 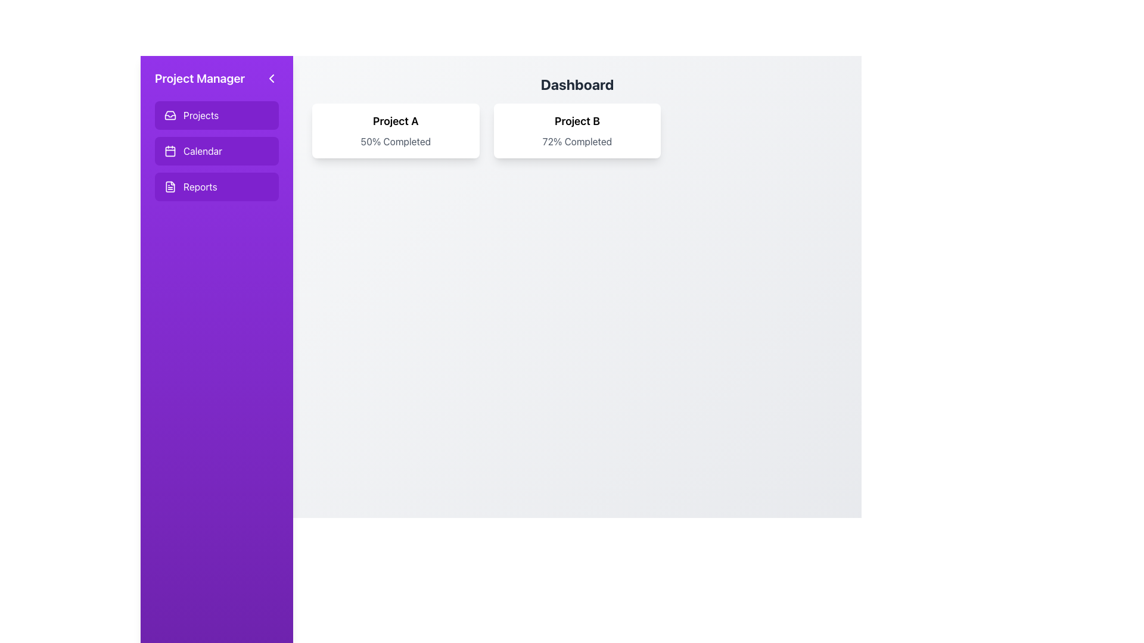 I want to click on the 'Projects' button, which is a rectangular button with an inbox icon and rounded corners, located in the sidebar above the 'Calendar' and 'Reports' buttons, so click(x=217, y=115).